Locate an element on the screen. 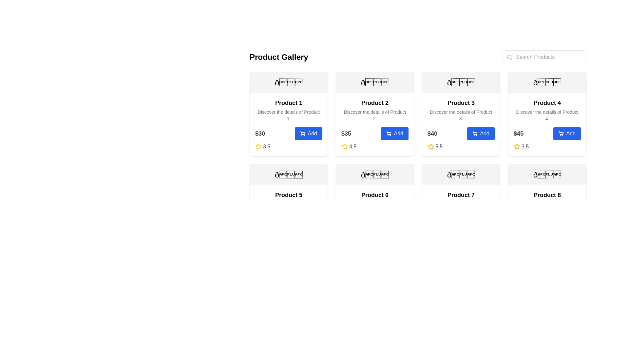 Image resolution: width=629 pixels, height=353 pixels. the star icon located at the bottom-left of the product card for 'Product 3', adjacent to the rating value '5.5' to interact with it is located at coordinates (430, 146).